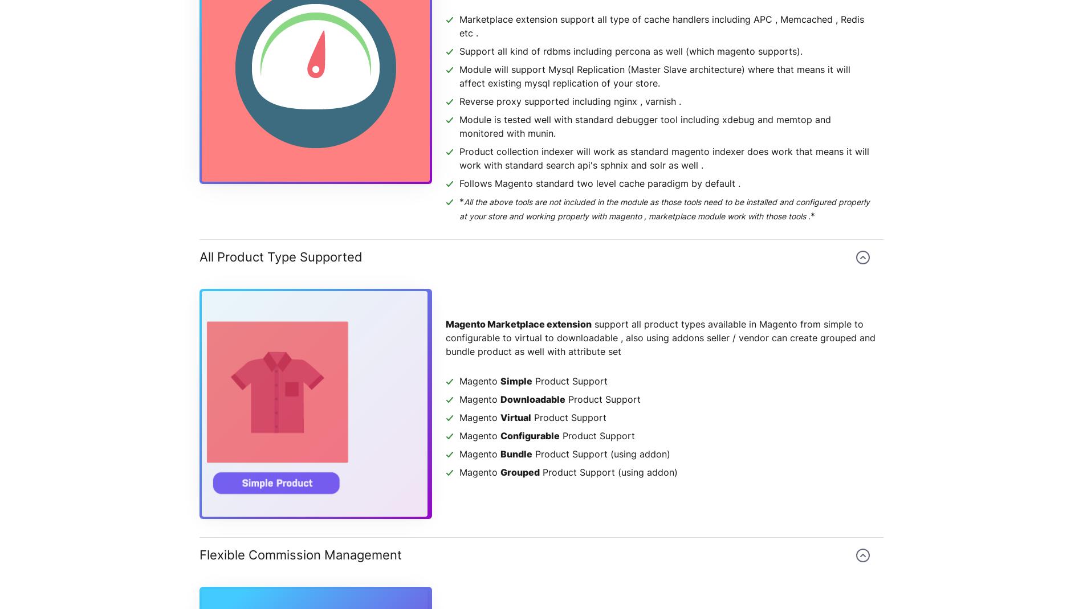 Image resolution: width=1083 pixels, height=609 pixels. Describe the element at coordinates (532, 399) in the screenshot. I see `'Downloadable'` at that location.